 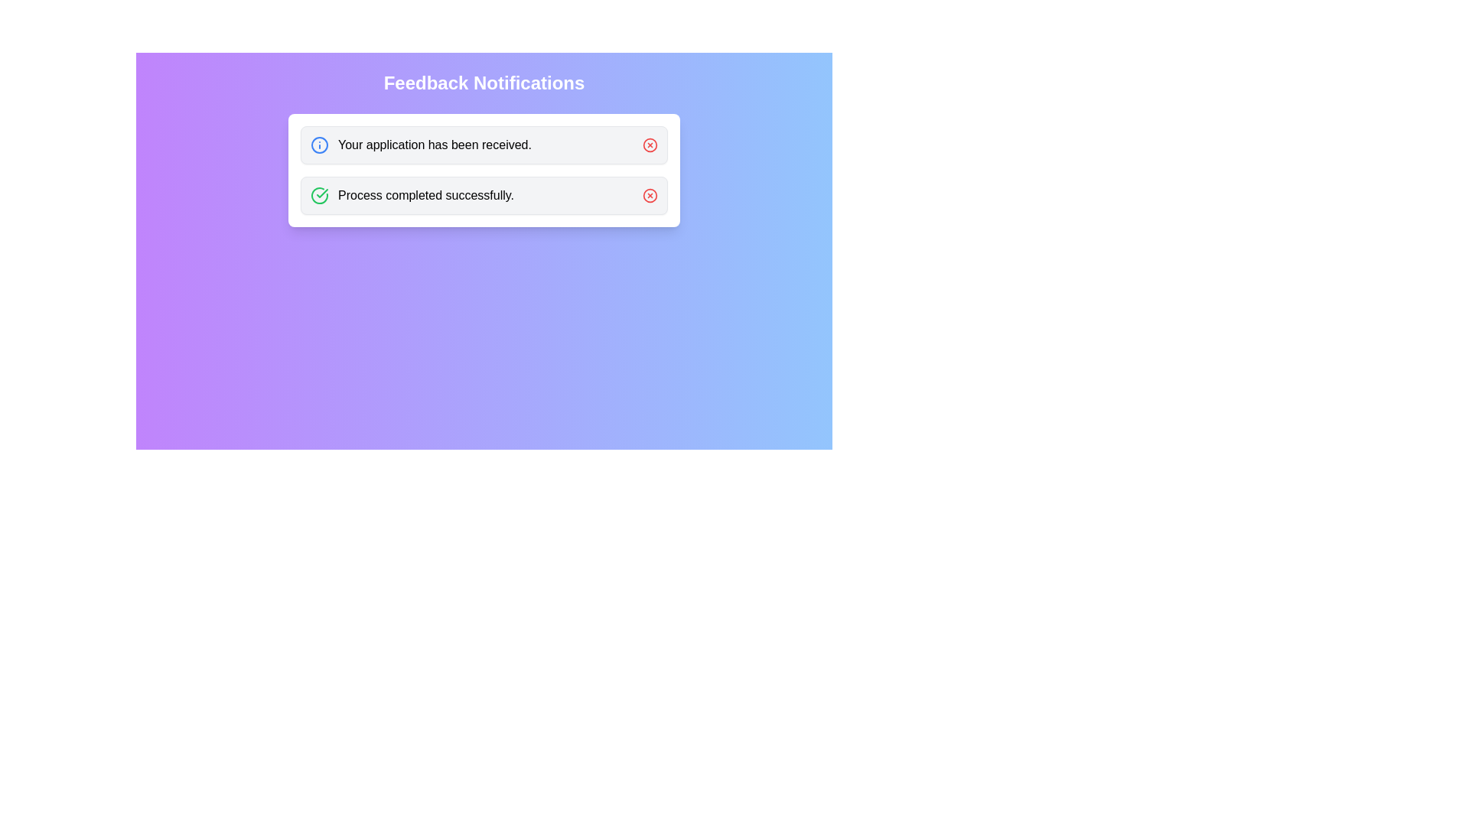 I want to click on the visual state of the circular Icon component with a red stroke located on the right side of the lower notification box, so click(x=650, y=194).